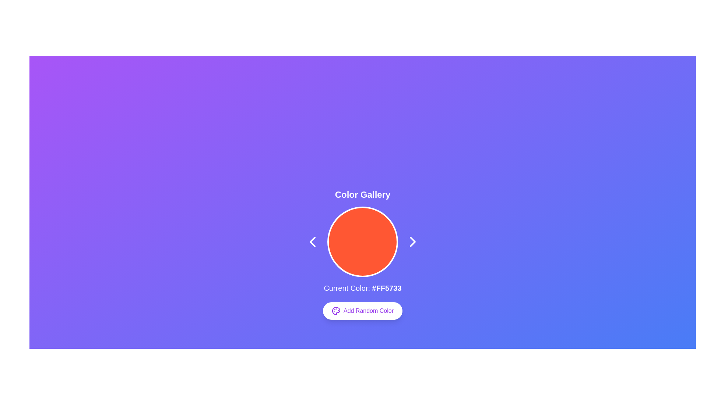 This screenshot has width=707, height=397. I want to click on the purple palette icon located to the left of the 'Add Random Color' text within the button at the bottom center of the interface, so click(335, 311).